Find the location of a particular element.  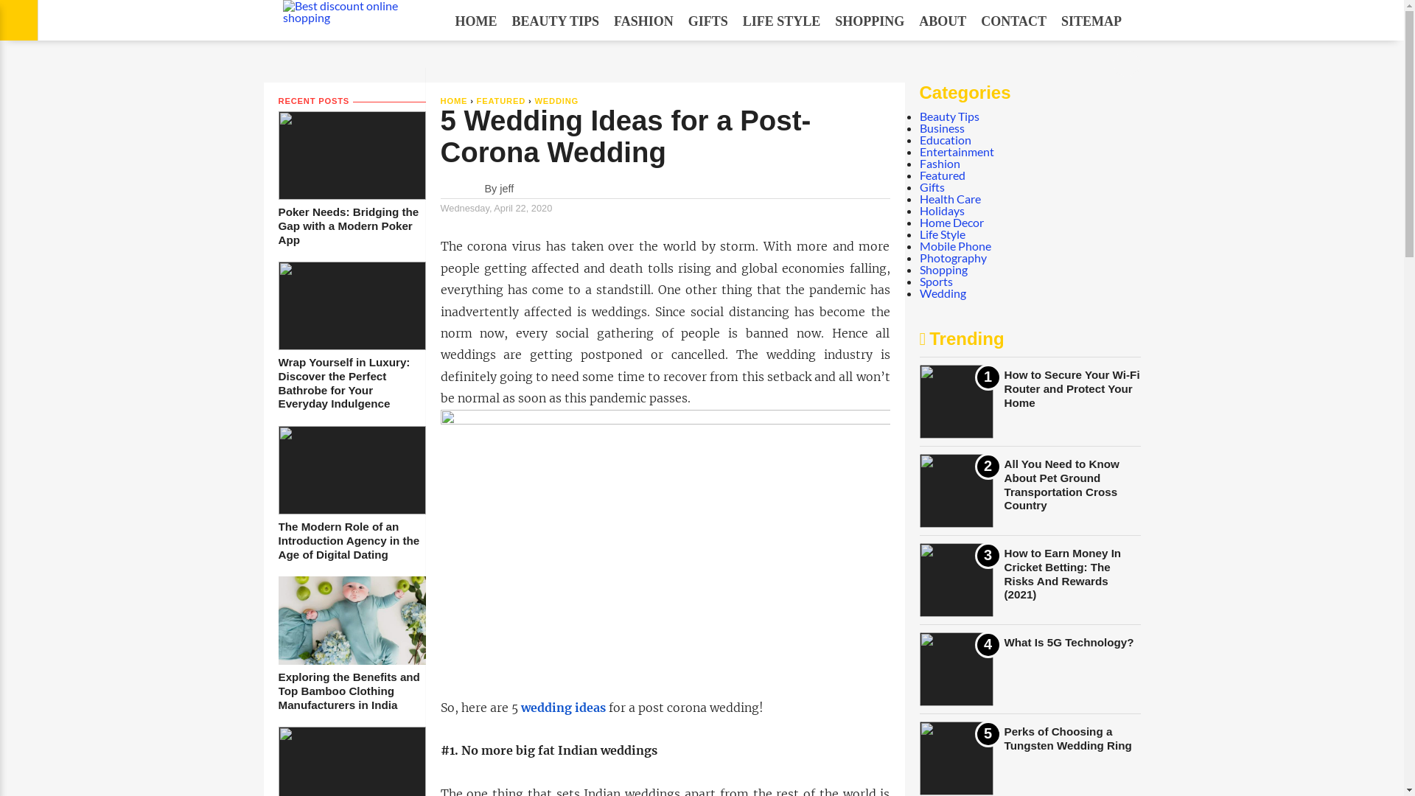

'CONTACT' is located at coordinates (1013, 21).